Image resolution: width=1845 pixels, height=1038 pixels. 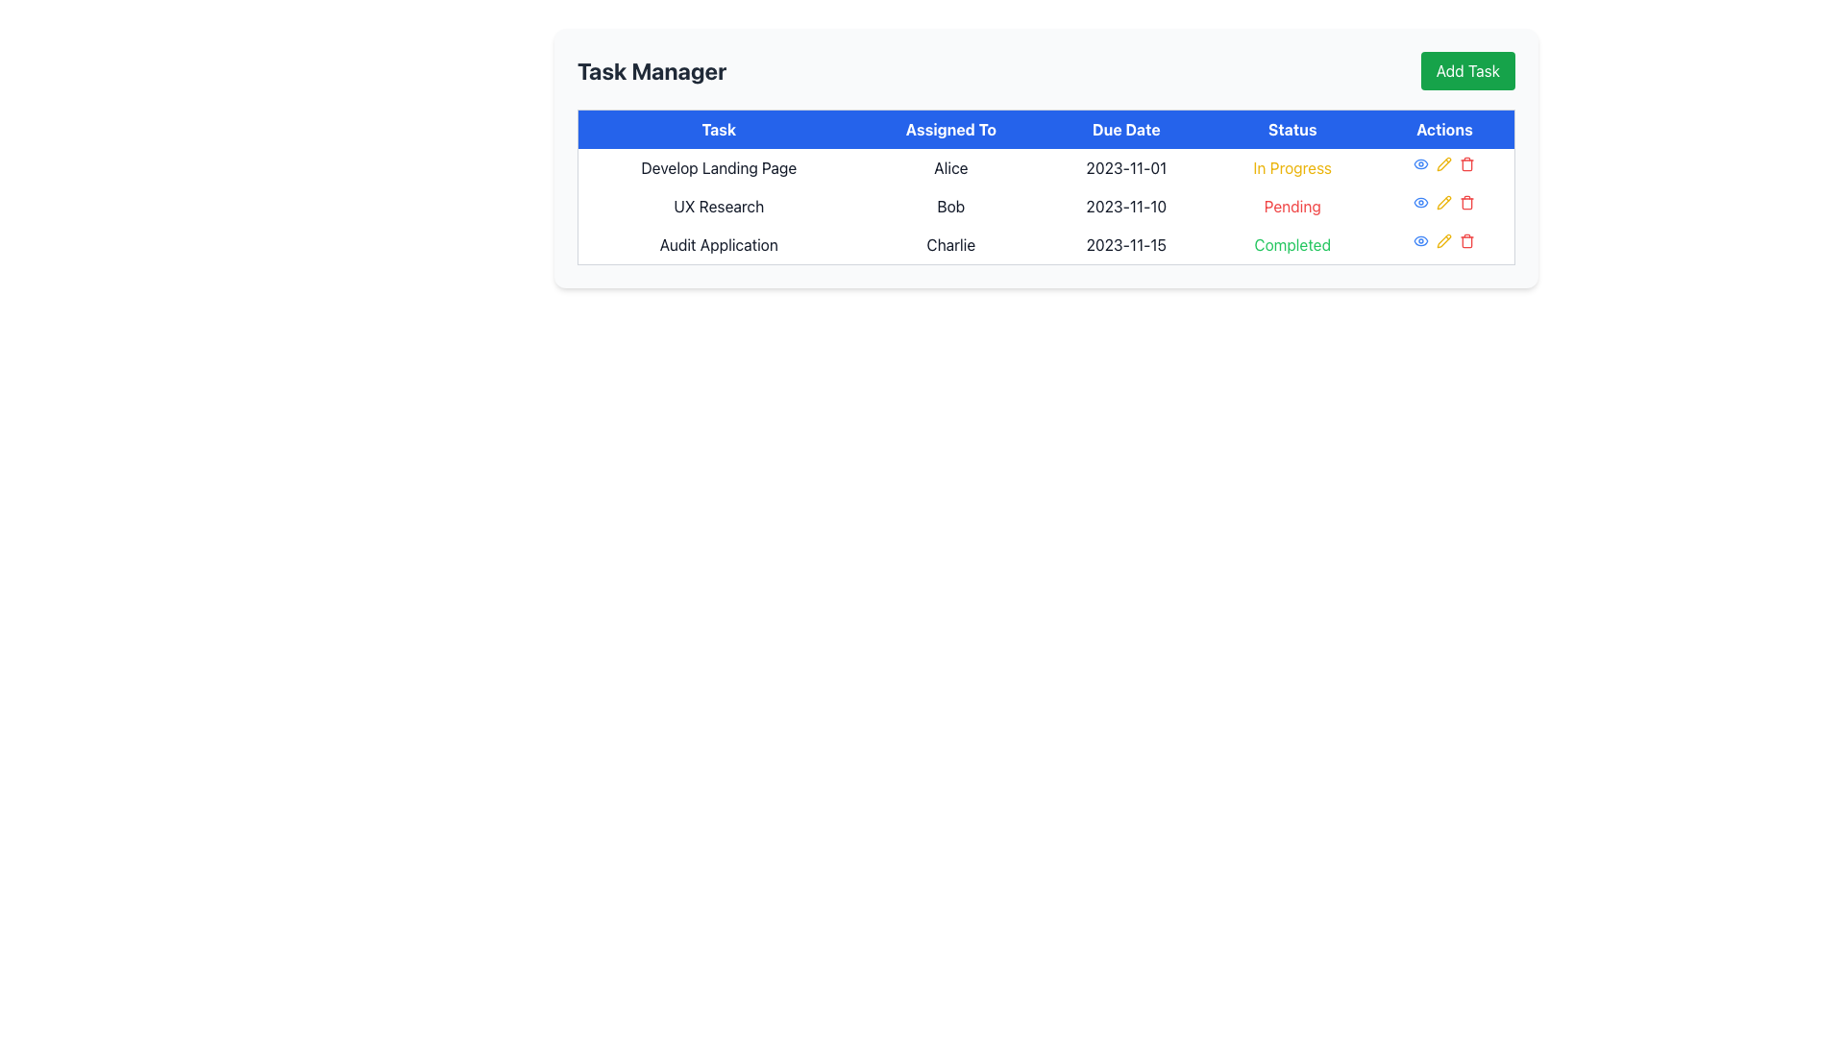 I want to click on text label identifying the assignment name 'Charlie' located in the 'Assigned To' column, third row of the table, so click(x=950, y=244).